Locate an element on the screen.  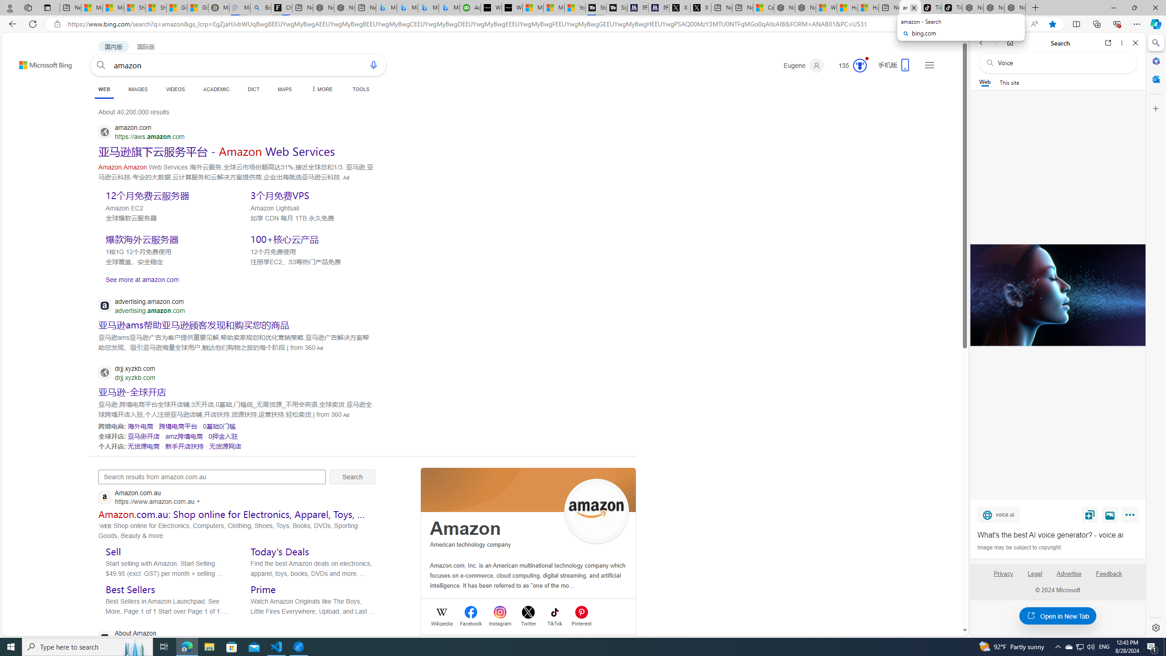
'Search more' is located at coordinates (944, 603).